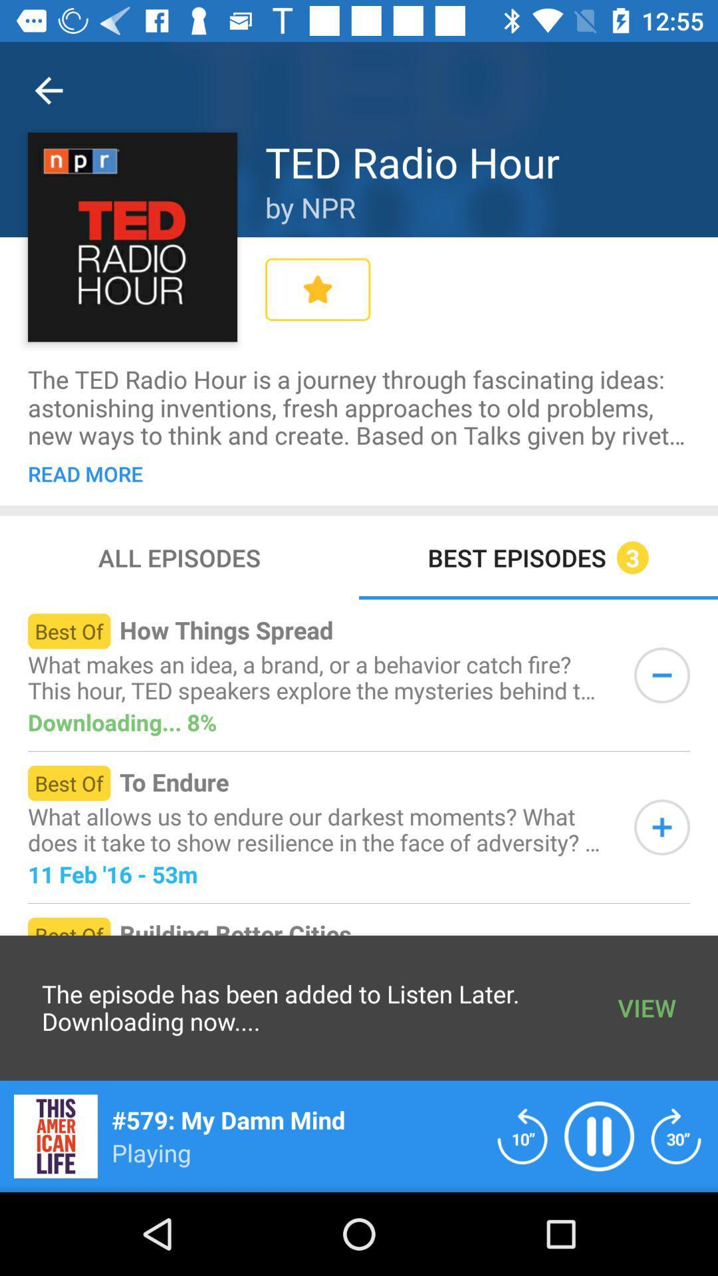 This screenshot has width=718, height=1276. I want to click on the pause icon, so click(599, 1135).